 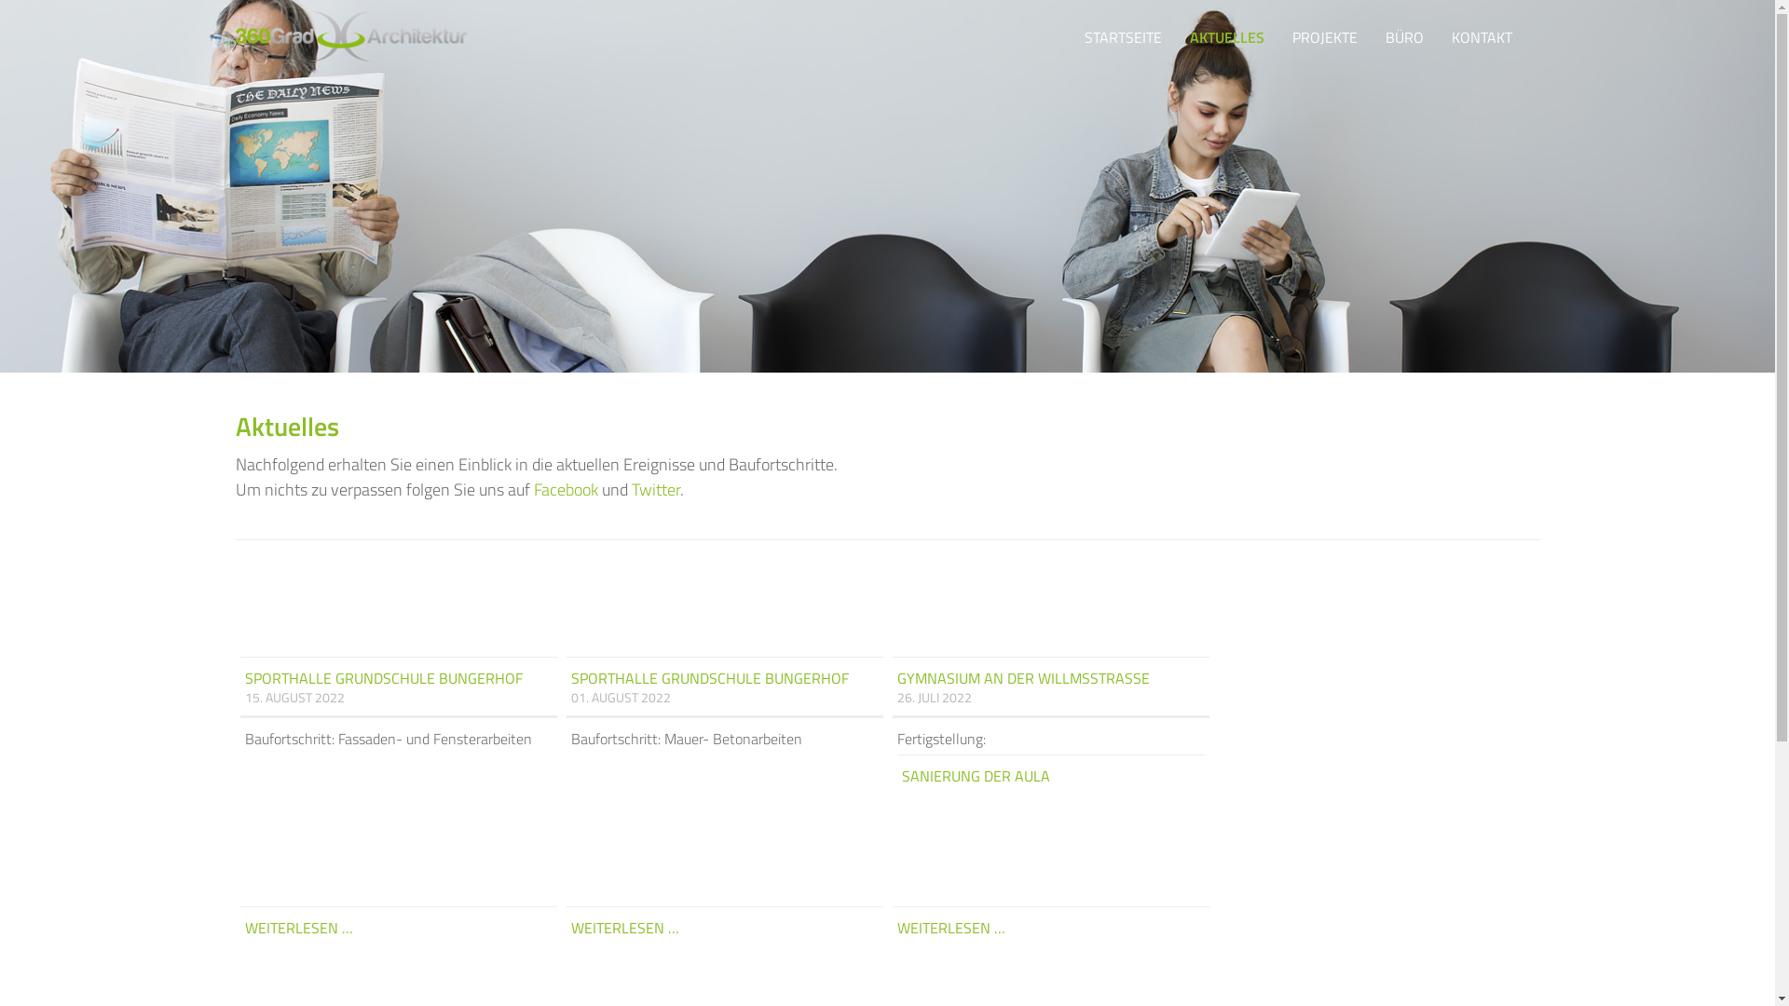 What do you see at coordinates (566, 673) in the screenshot?
I see `'SPORTHALLE GRUNDSCHULE BUNGERHOF'` at bounding box center [566, 673].